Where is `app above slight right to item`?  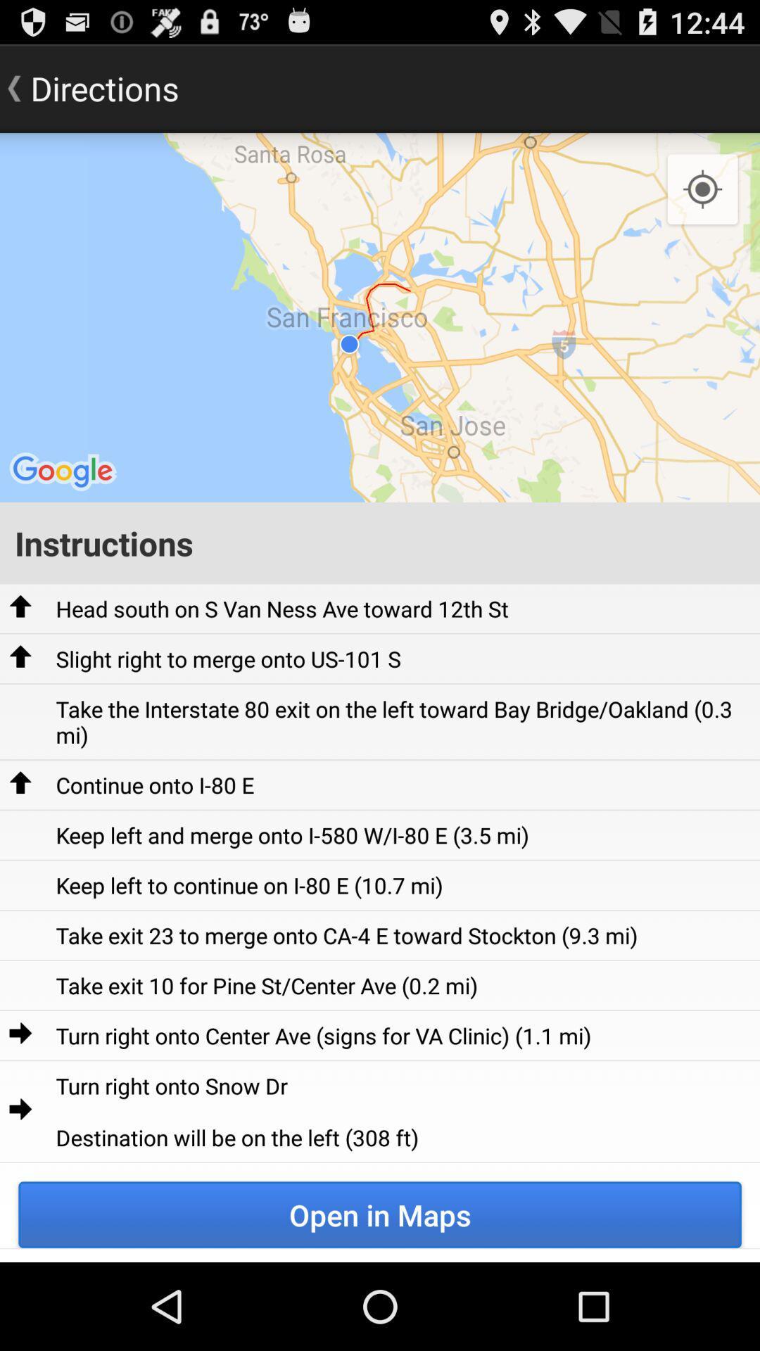 app above slight right to item is located at coordinates (282, 609).